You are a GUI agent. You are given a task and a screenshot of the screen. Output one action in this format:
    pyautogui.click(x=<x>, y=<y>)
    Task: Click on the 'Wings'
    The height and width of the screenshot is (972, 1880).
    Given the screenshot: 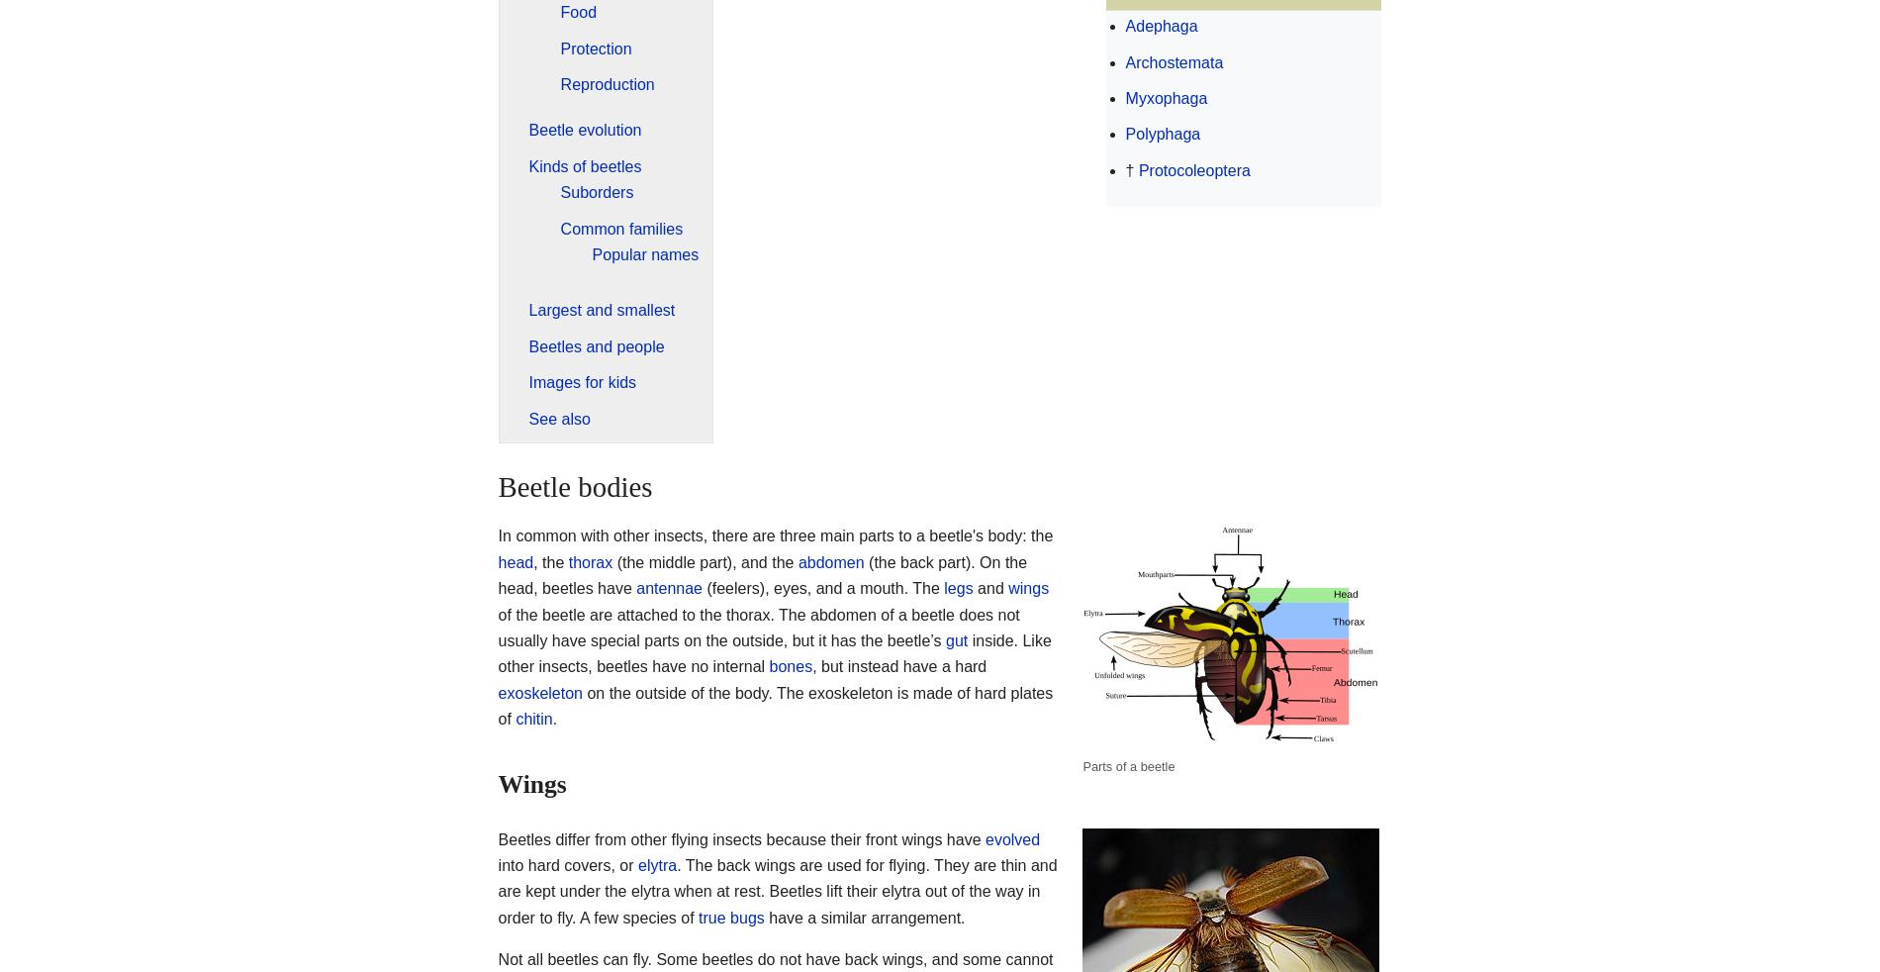 What is the action you would take?
    pyautogui.click(x=531, y=783)
    